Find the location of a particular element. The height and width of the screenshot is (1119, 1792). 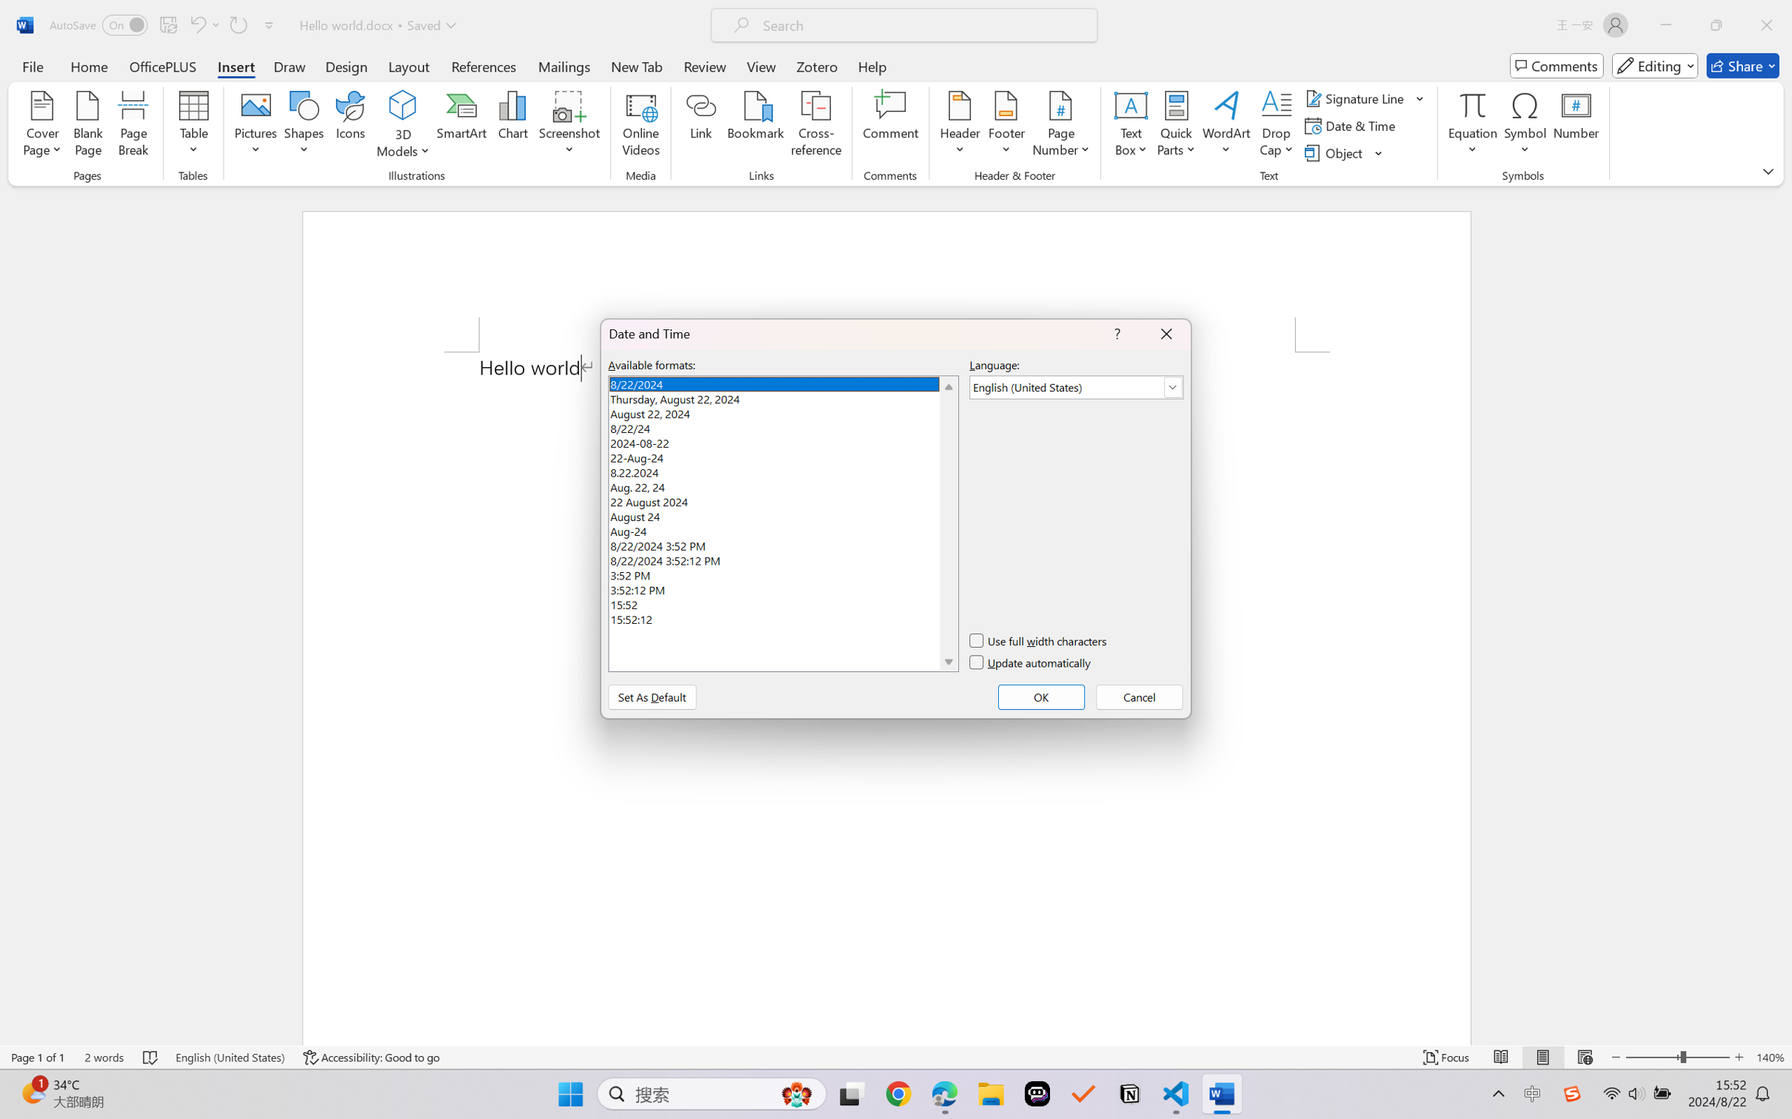

'Header' is located at coordinates (958, 126).